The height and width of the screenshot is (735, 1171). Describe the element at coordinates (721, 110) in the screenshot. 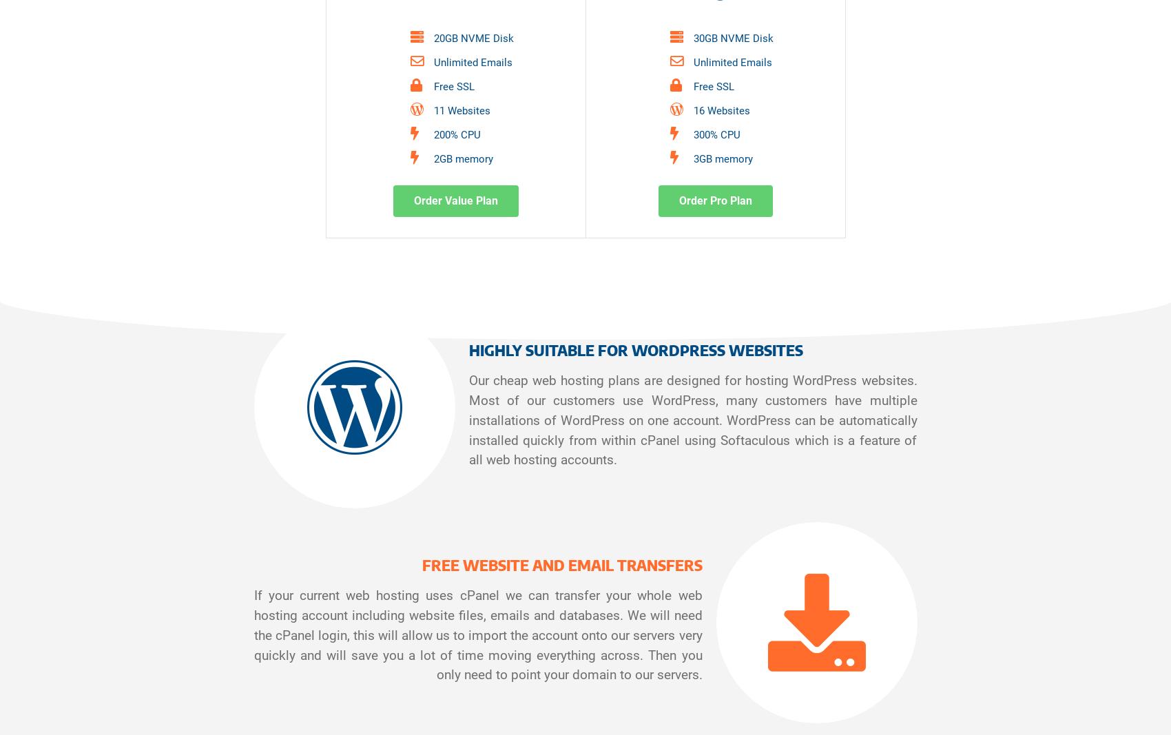

I see `'16 Websites'` at that location.